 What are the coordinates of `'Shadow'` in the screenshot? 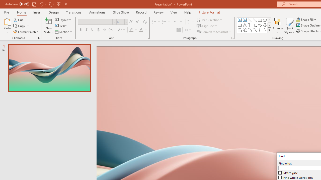 It's located at (98, 30).